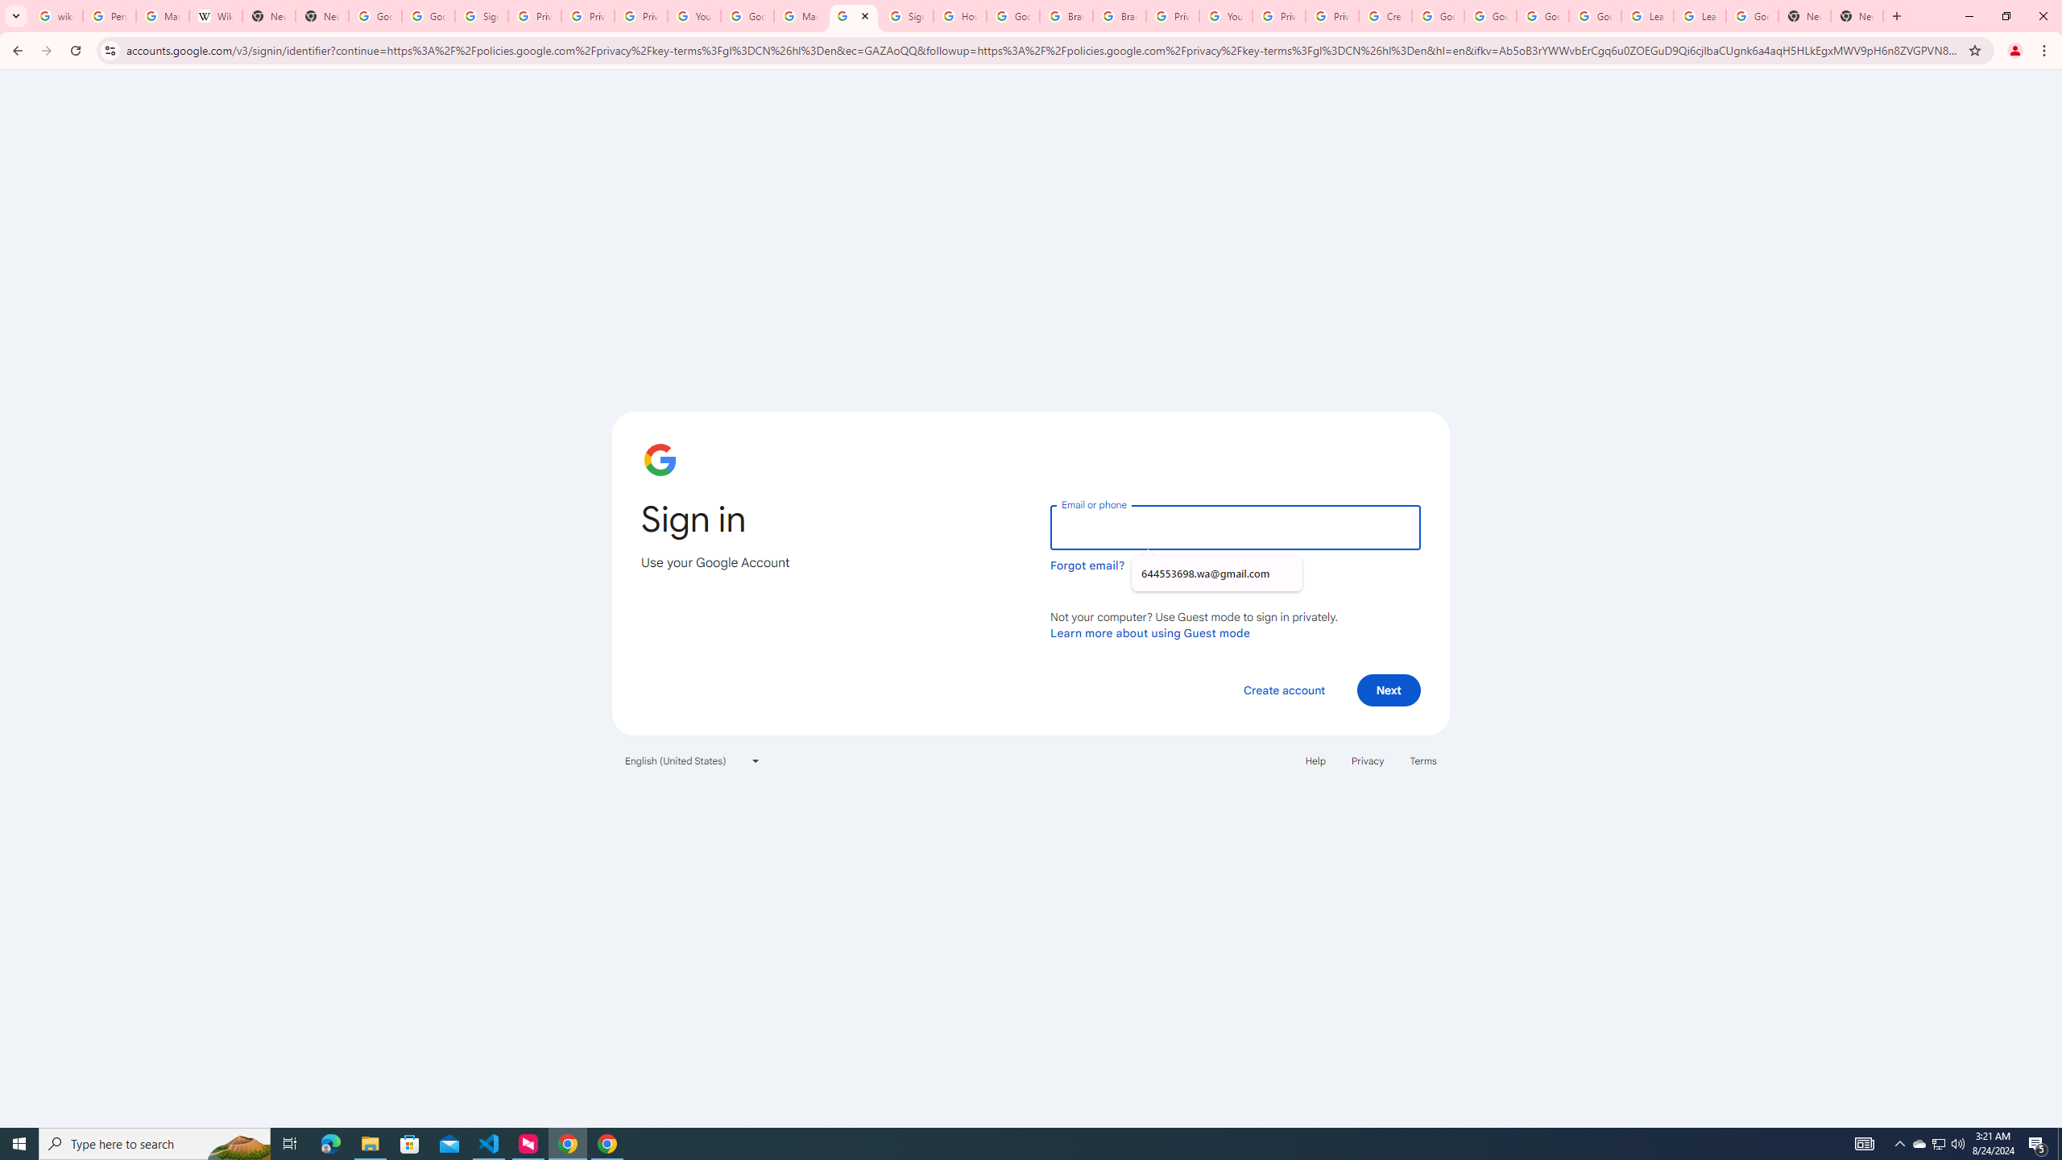 This screenshot has width=2062, height=1160. What do you see at coordinates (109, 49) in the screenshot?
I see `'View site information'` at bounding box center [109, 49].